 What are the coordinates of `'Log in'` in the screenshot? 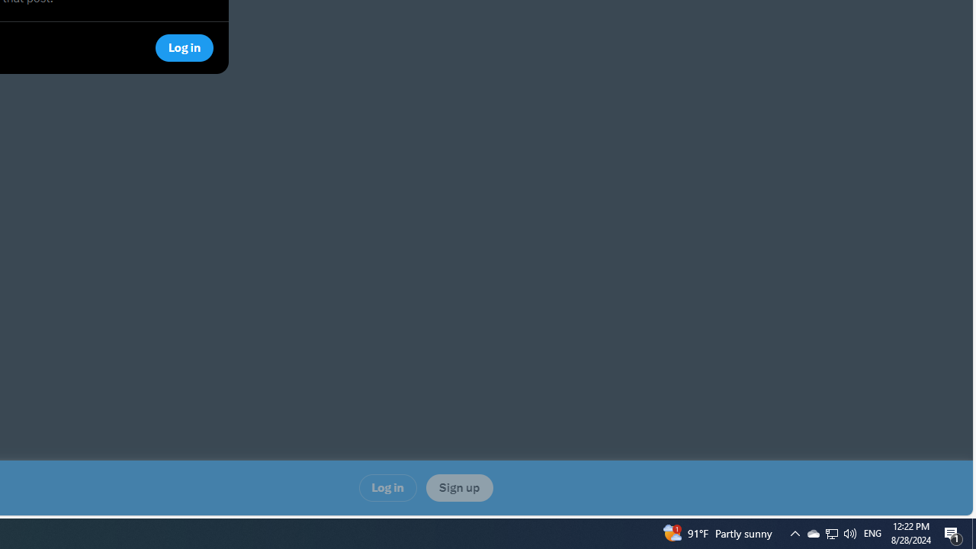 It's located at (387, 488).